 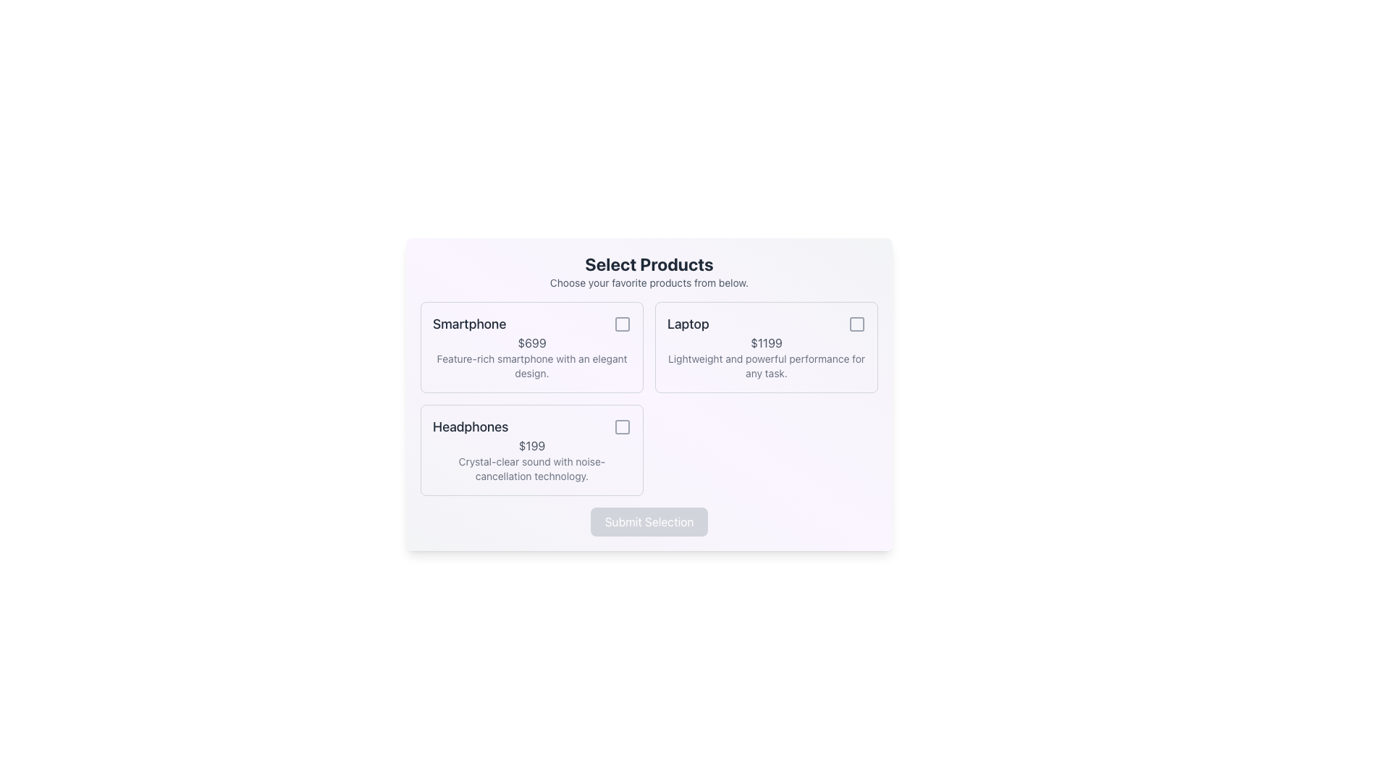 I want to click on the small-sized text block element styled in gray font that describes the product features, located below the price text '$1199' in the 'Laptop' product card, so click(x=766, y=365).